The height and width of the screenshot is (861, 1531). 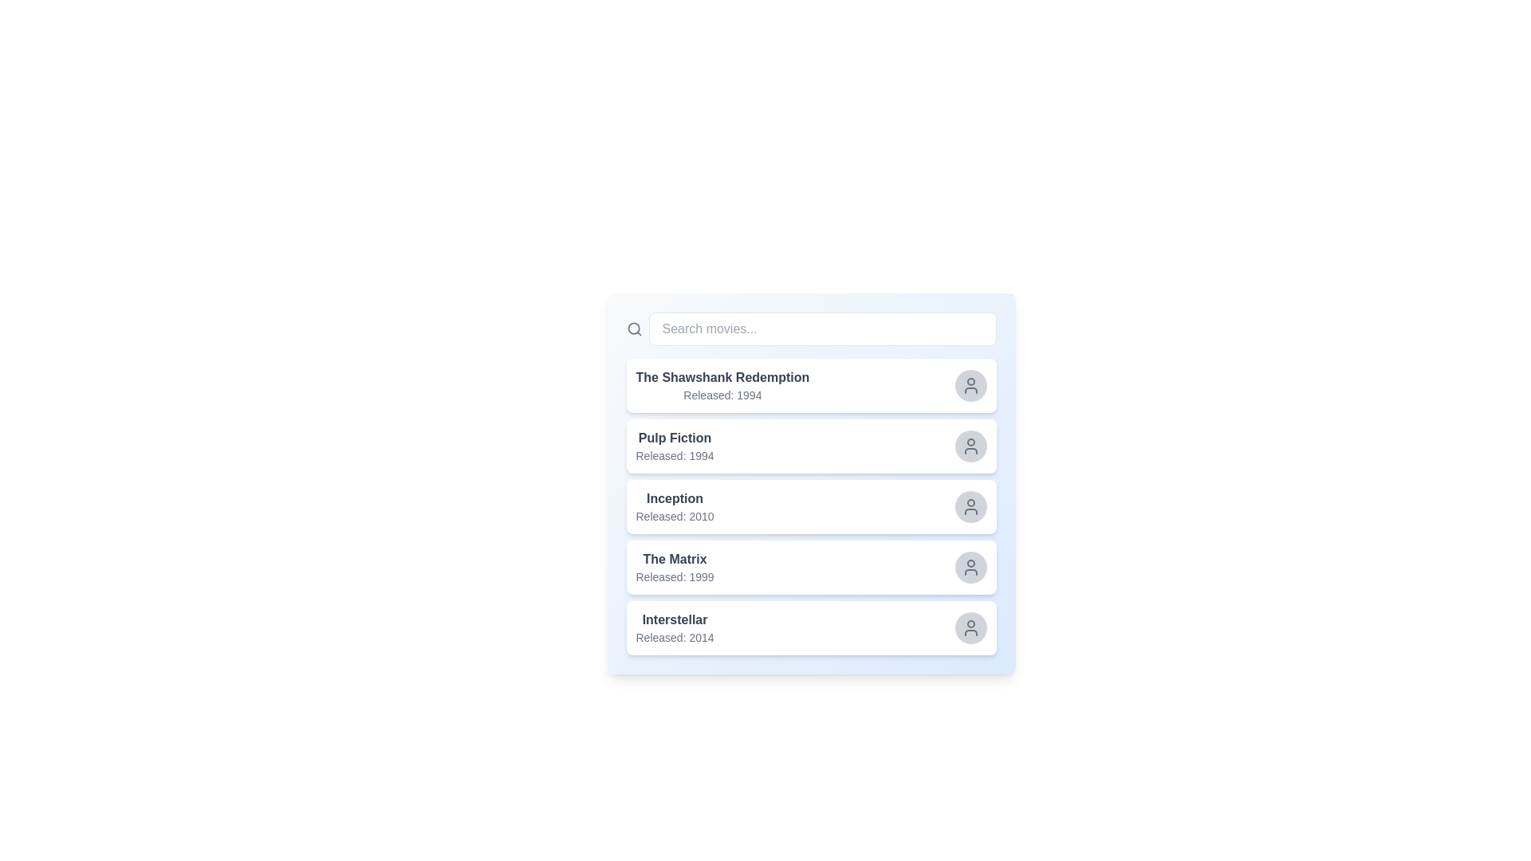 I want to click on text content of the Text label displaying 'Inception' and 'Released: 2010' located in the third card of a vertical layout, so click(x=675, y=507).